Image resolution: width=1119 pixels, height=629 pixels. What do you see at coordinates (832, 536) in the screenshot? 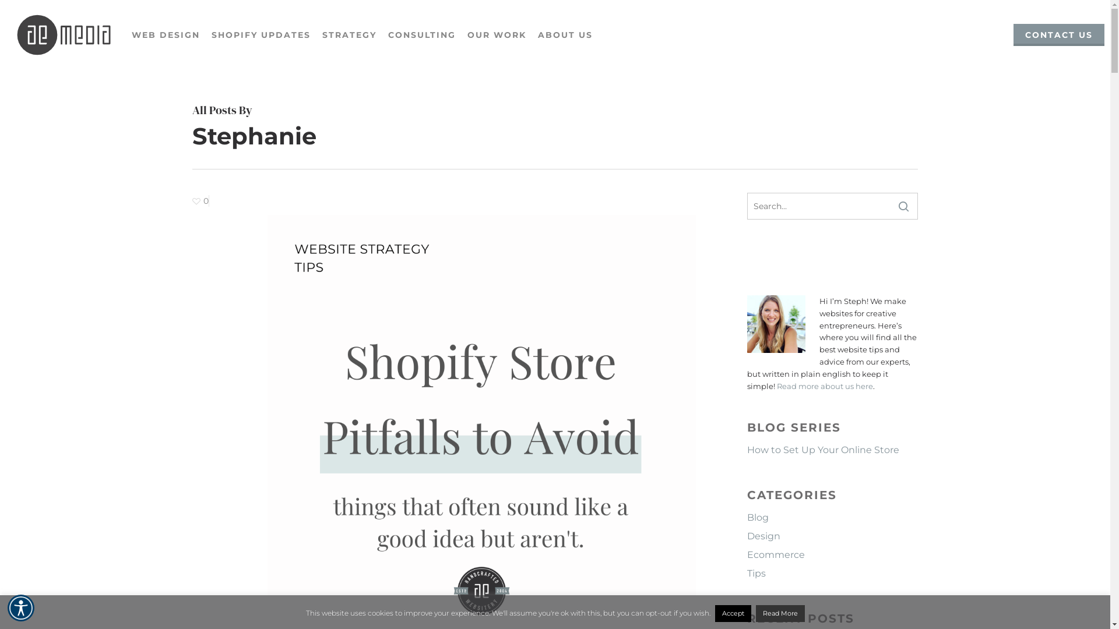
I see `'Design'` at bounding box center [832, 536].